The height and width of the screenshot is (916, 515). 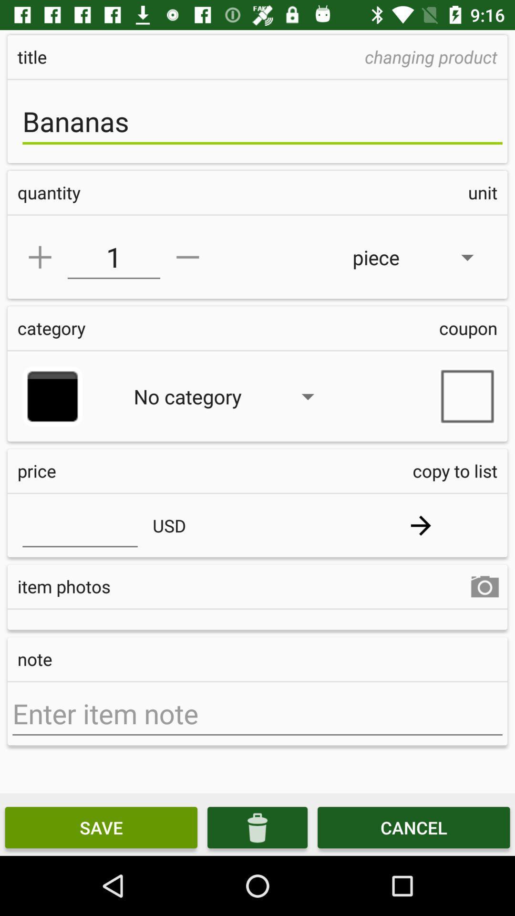 What do you see at coordinates (420, 525) in the screenshot?
I see `copy to list` at bounding box center [420, 525].